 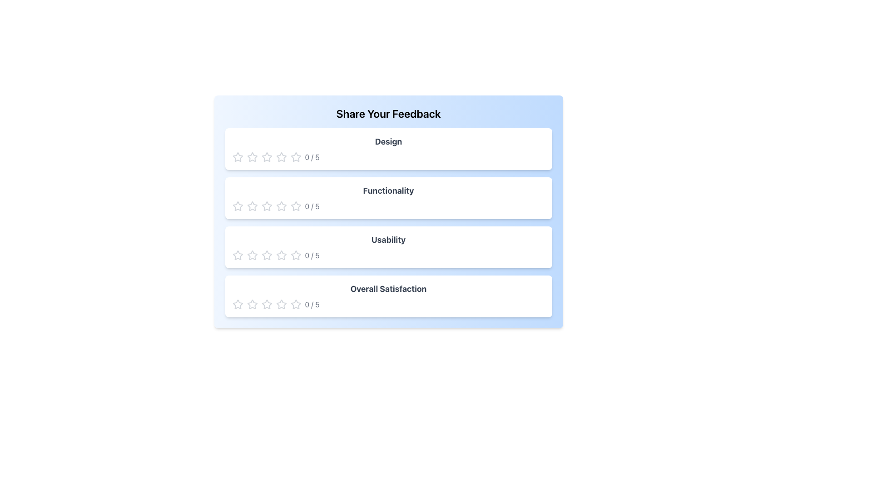 What do you see at coordinates (238, 156) in the screenshot?
I see `the hollow star icon in the 'Design' rating component` at bounding box center [238, 156].